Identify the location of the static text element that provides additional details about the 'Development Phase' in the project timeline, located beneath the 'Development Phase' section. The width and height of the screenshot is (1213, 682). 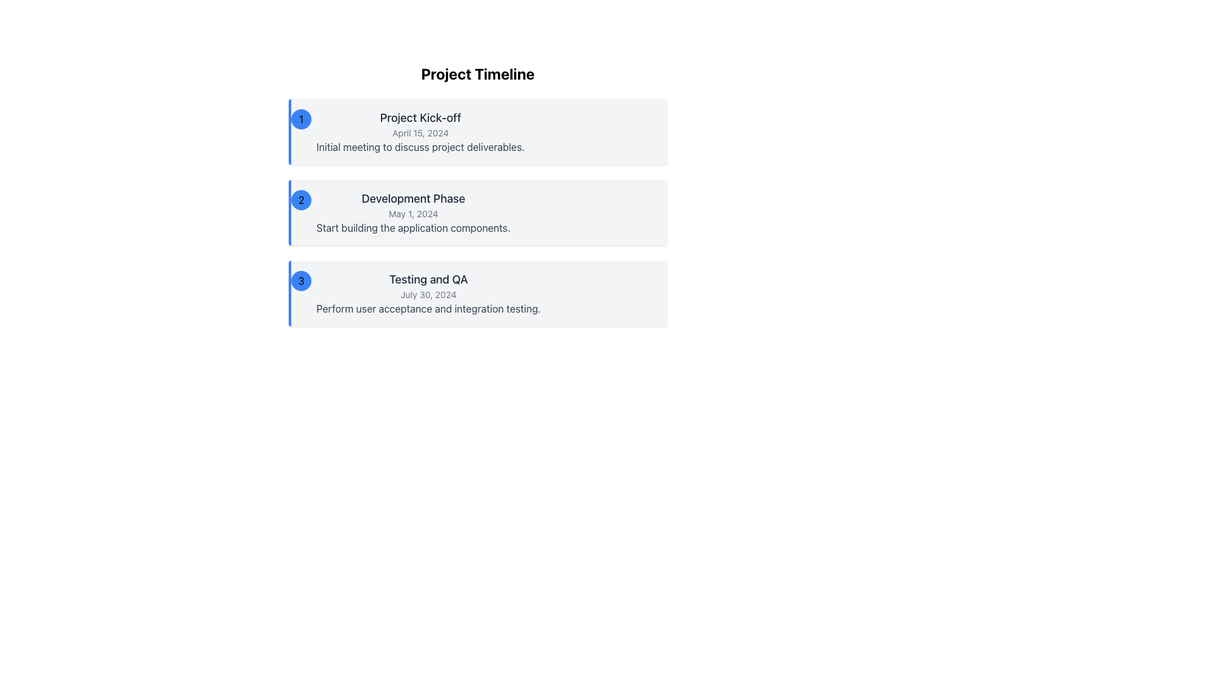
(413, 228).